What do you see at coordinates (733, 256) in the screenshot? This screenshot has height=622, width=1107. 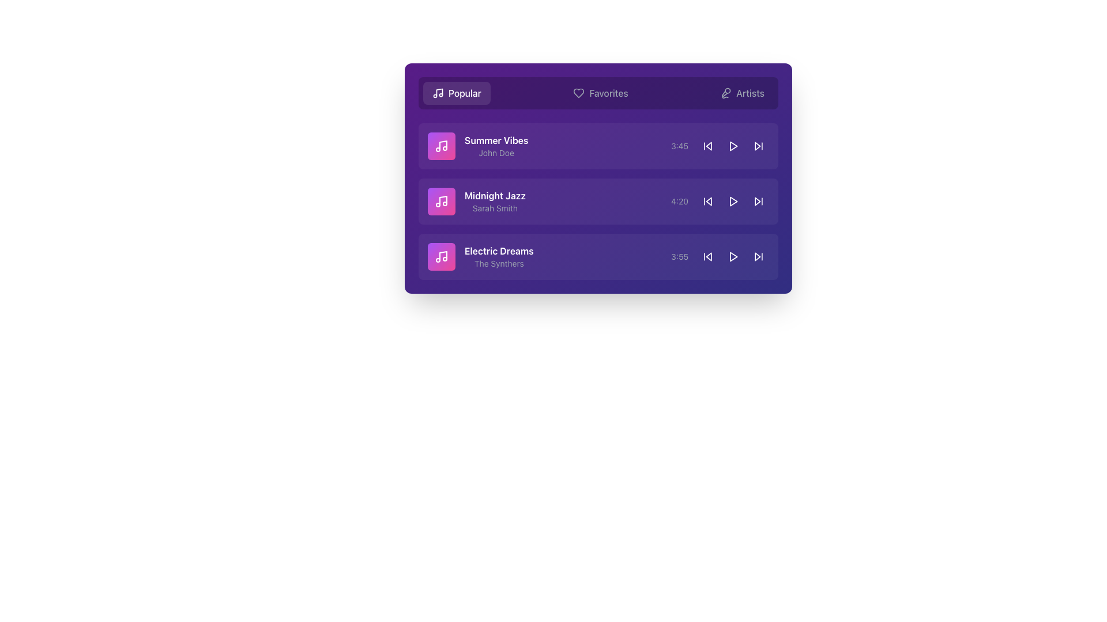 I see `the play button located to the right of the time text '3:55' in the playback controls for the music track 'Electric Dreams'` at bounding box center [733, 256].